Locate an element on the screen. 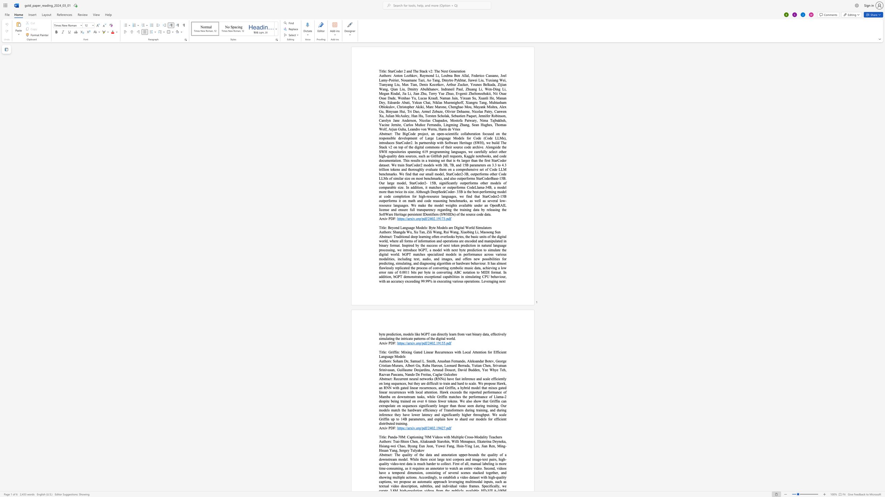 The height and width of the screenshot is (497, 885). the 1th character "N" in the text is located at coordinates (441, 71).